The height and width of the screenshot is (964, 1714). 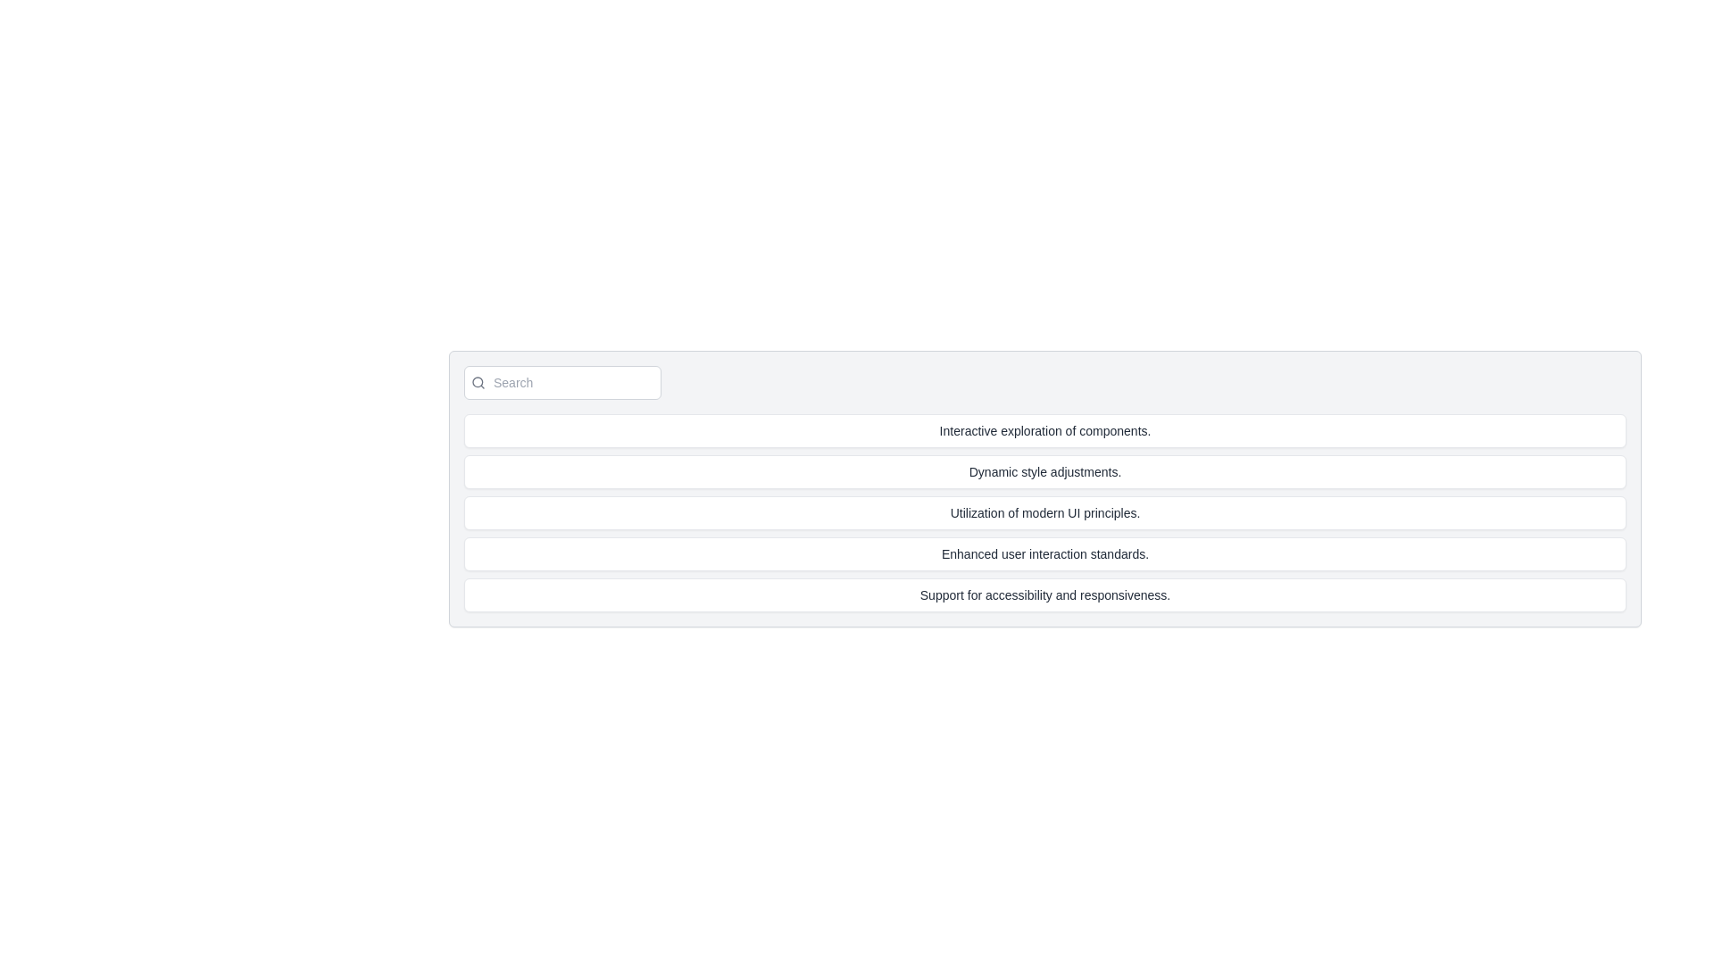 I want to click on the search icon, which is a gray circular magnifying glass located on the left side of the search input field at the top section of the interface, so click(x=478, y=381).